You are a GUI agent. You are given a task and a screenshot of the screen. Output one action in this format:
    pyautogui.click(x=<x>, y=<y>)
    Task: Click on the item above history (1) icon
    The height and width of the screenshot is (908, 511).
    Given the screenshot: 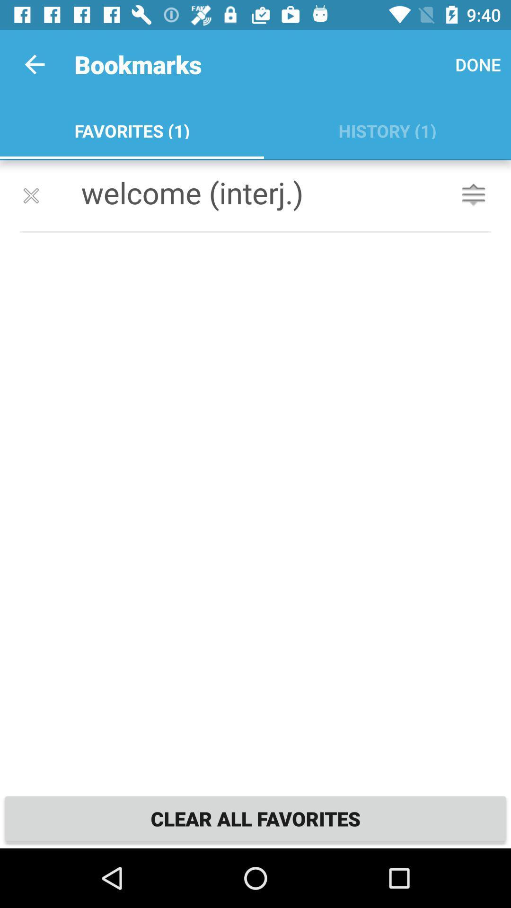 What is the action you would take?
    pyautogui.click(x=478, y=64)
    